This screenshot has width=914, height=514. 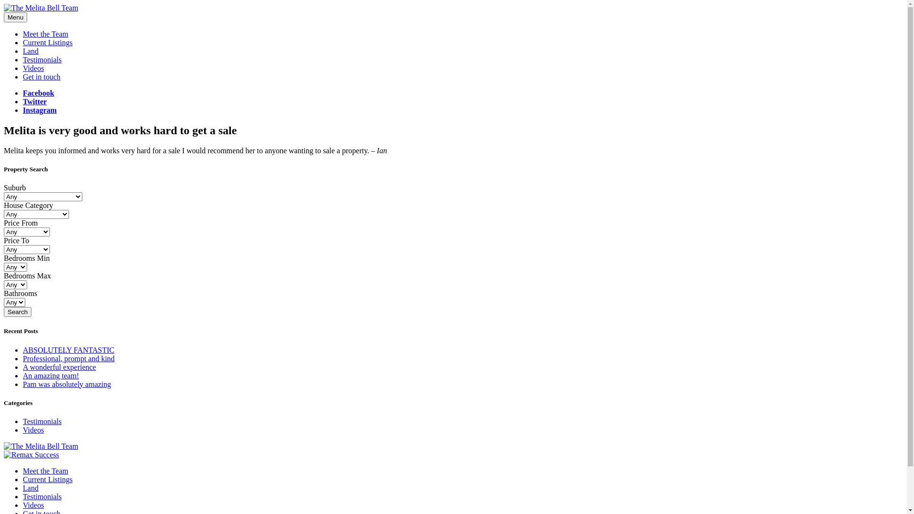 I want to click on 'An amazing team!', so click(x=23, y=375).